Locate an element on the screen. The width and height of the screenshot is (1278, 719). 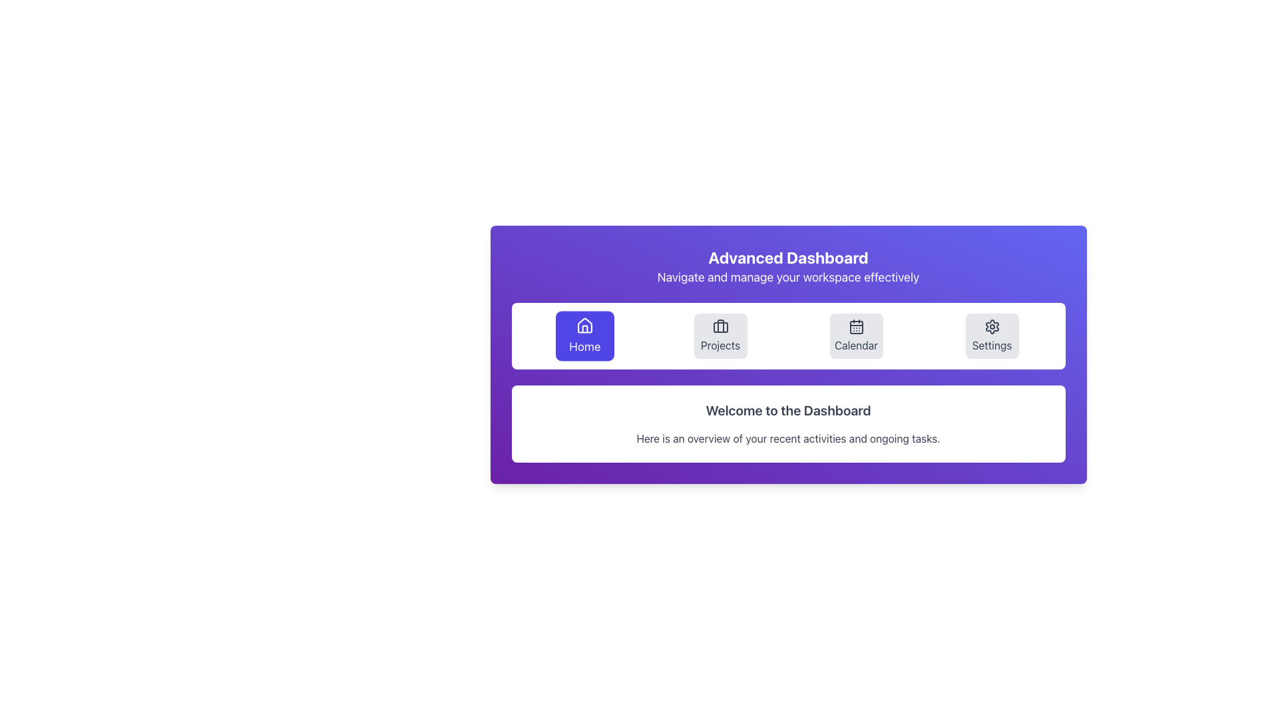
the 'Settings' label text, which is displayed in a standard sans-serif font and located below a gear icon in a horizontal menu bar with a light gray background is located at coordinates (992, 345).